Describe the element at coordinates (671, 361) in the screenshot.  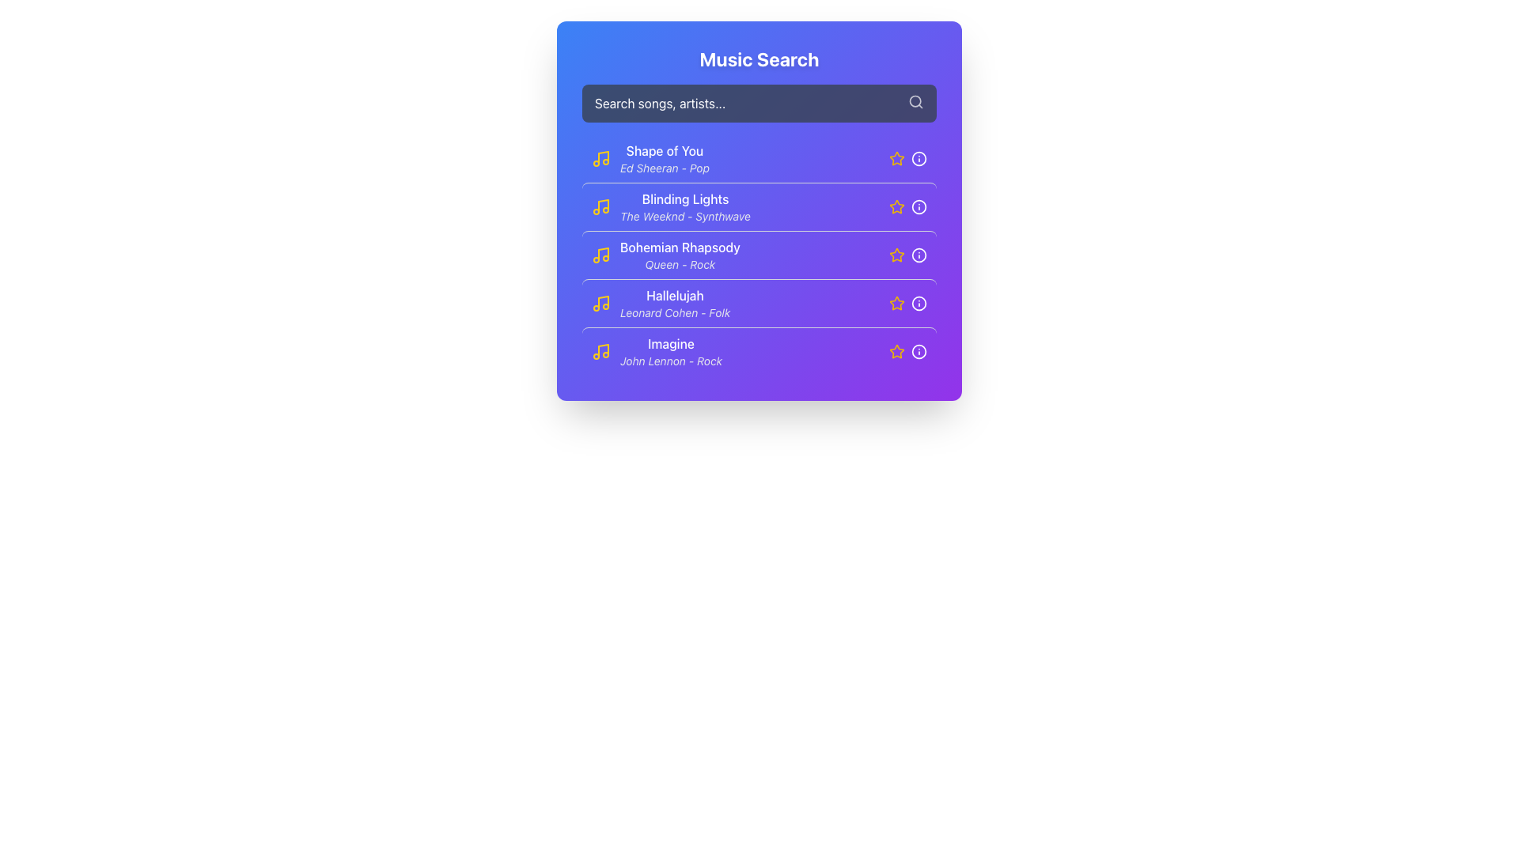
I see `the text label providing contextual details about the song 'Imagine' by John Lennon in the music search interface` at that location.